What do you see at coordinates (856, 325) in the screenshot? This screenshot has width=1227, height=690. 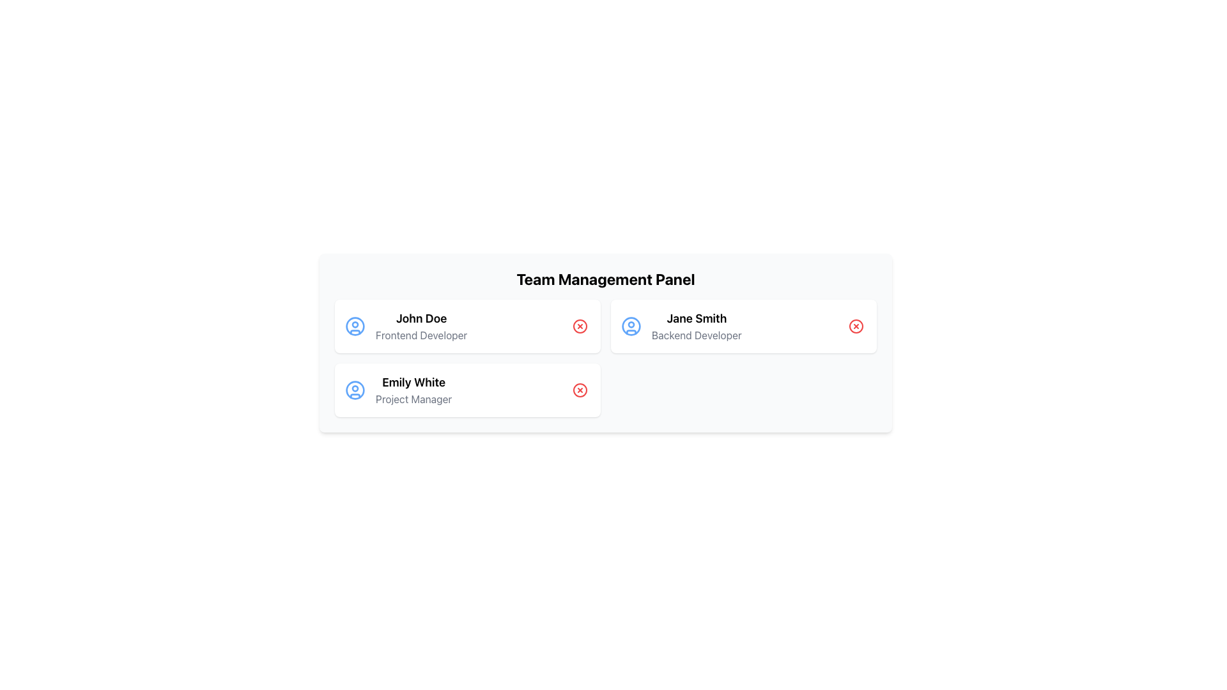 I see `the circular Close or delete button with a red 'X' symbol next to the entry for 'Jane Smith, Backend Developer'` at bounding box center [856, 325].